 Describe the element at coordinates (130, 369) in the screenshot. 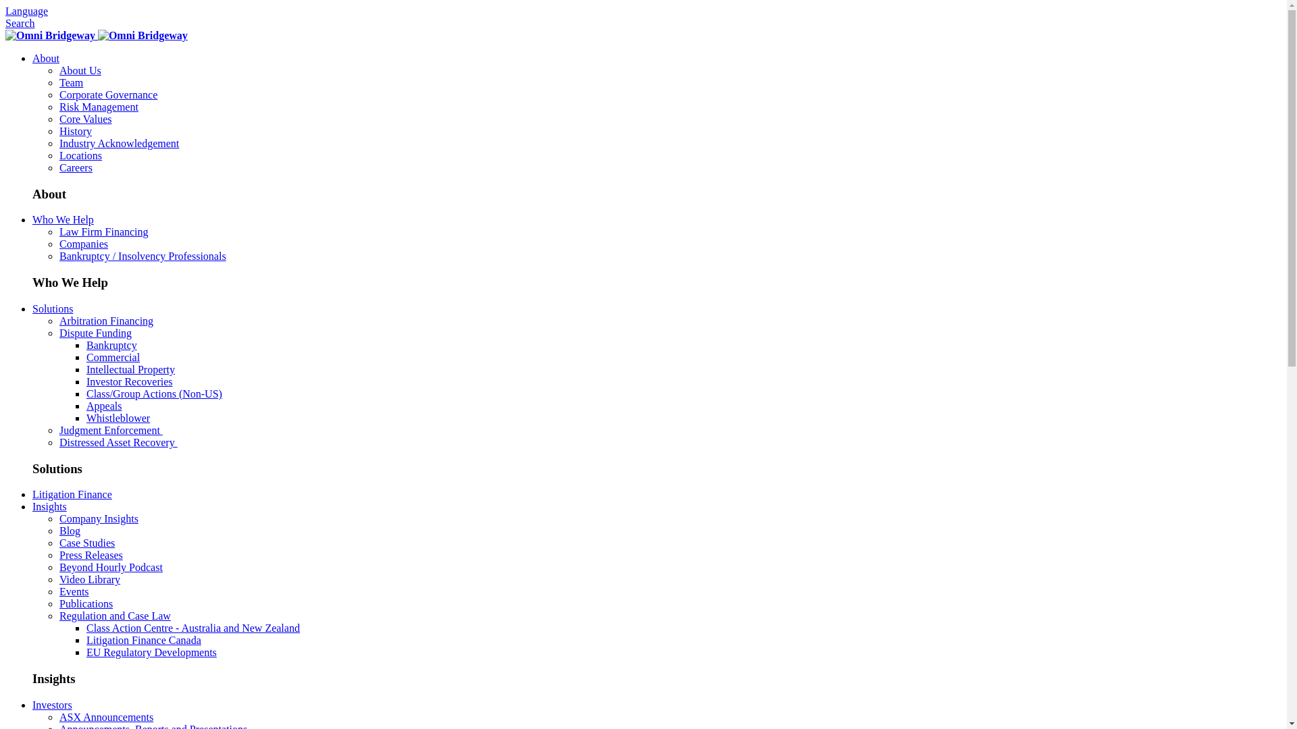

I see `'Intellectual Property'` at that location.